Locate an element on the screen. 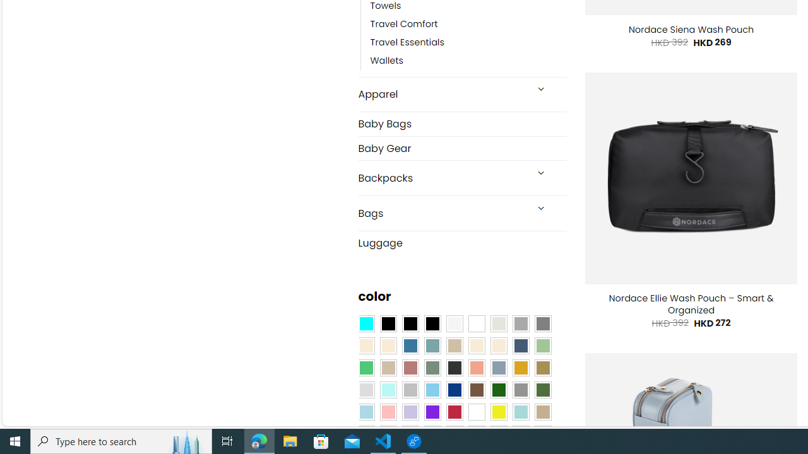  'Light Gray' is located at coordinates (365, 390).